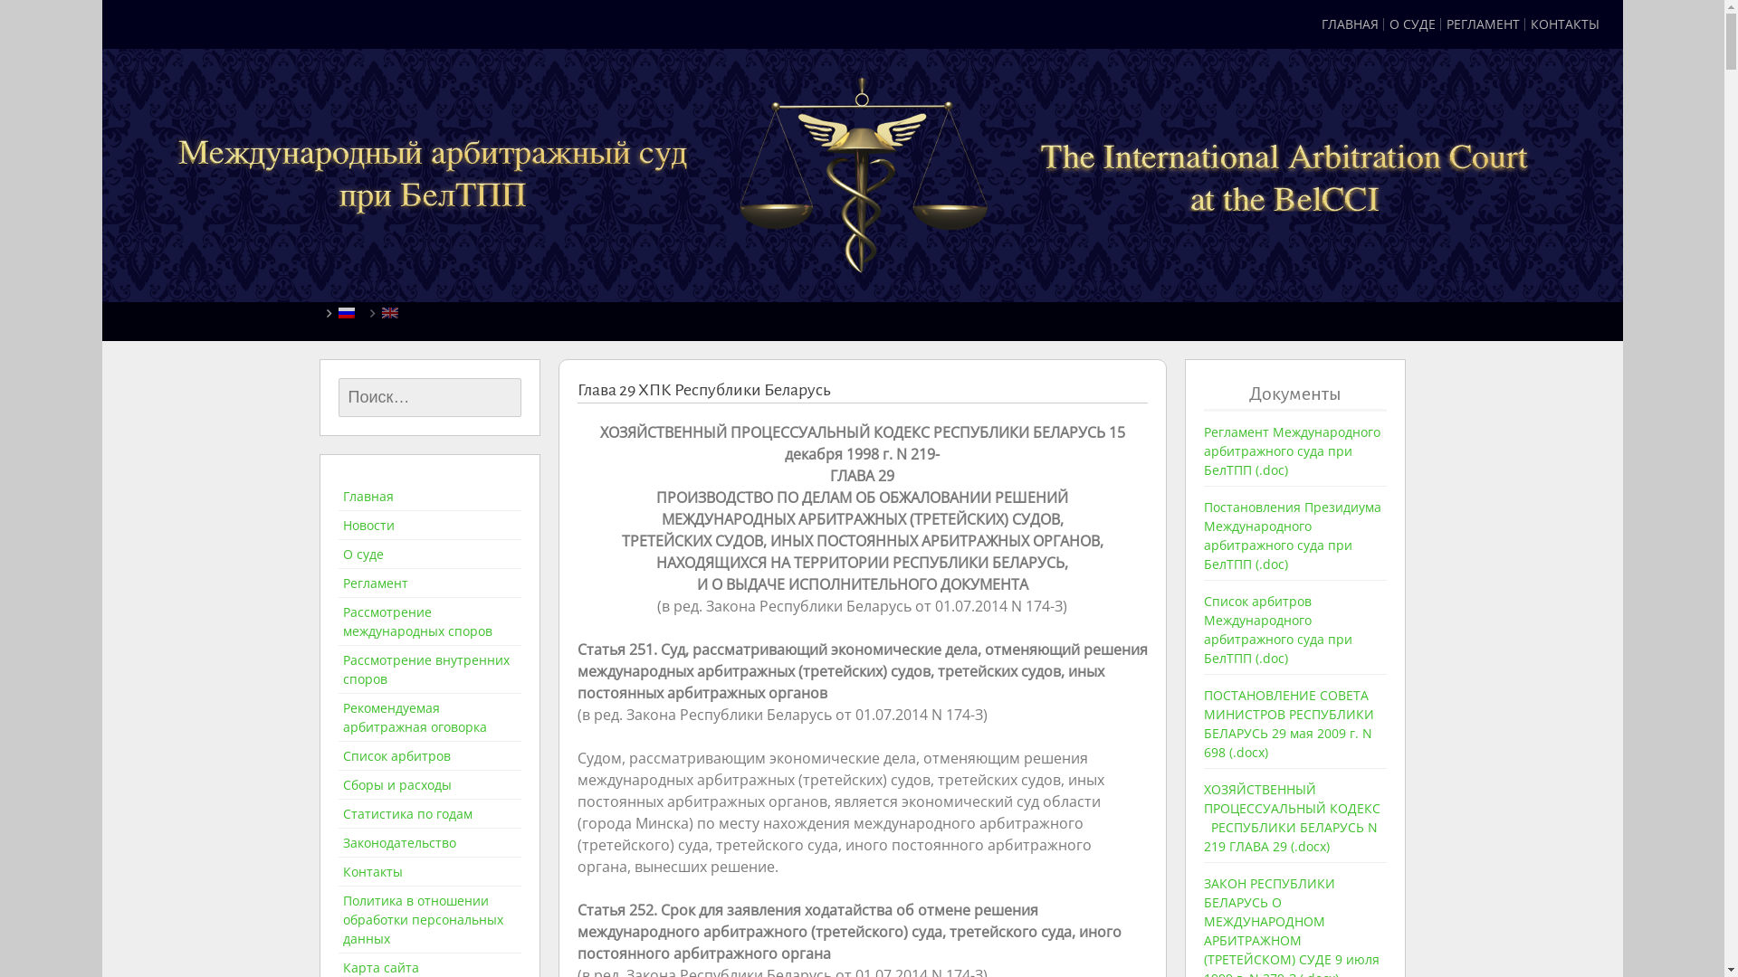  What do you see at coordinates (347, 310) in the screenshot?
I see `'Russian (ru)'` at bounding box center [347, 310].